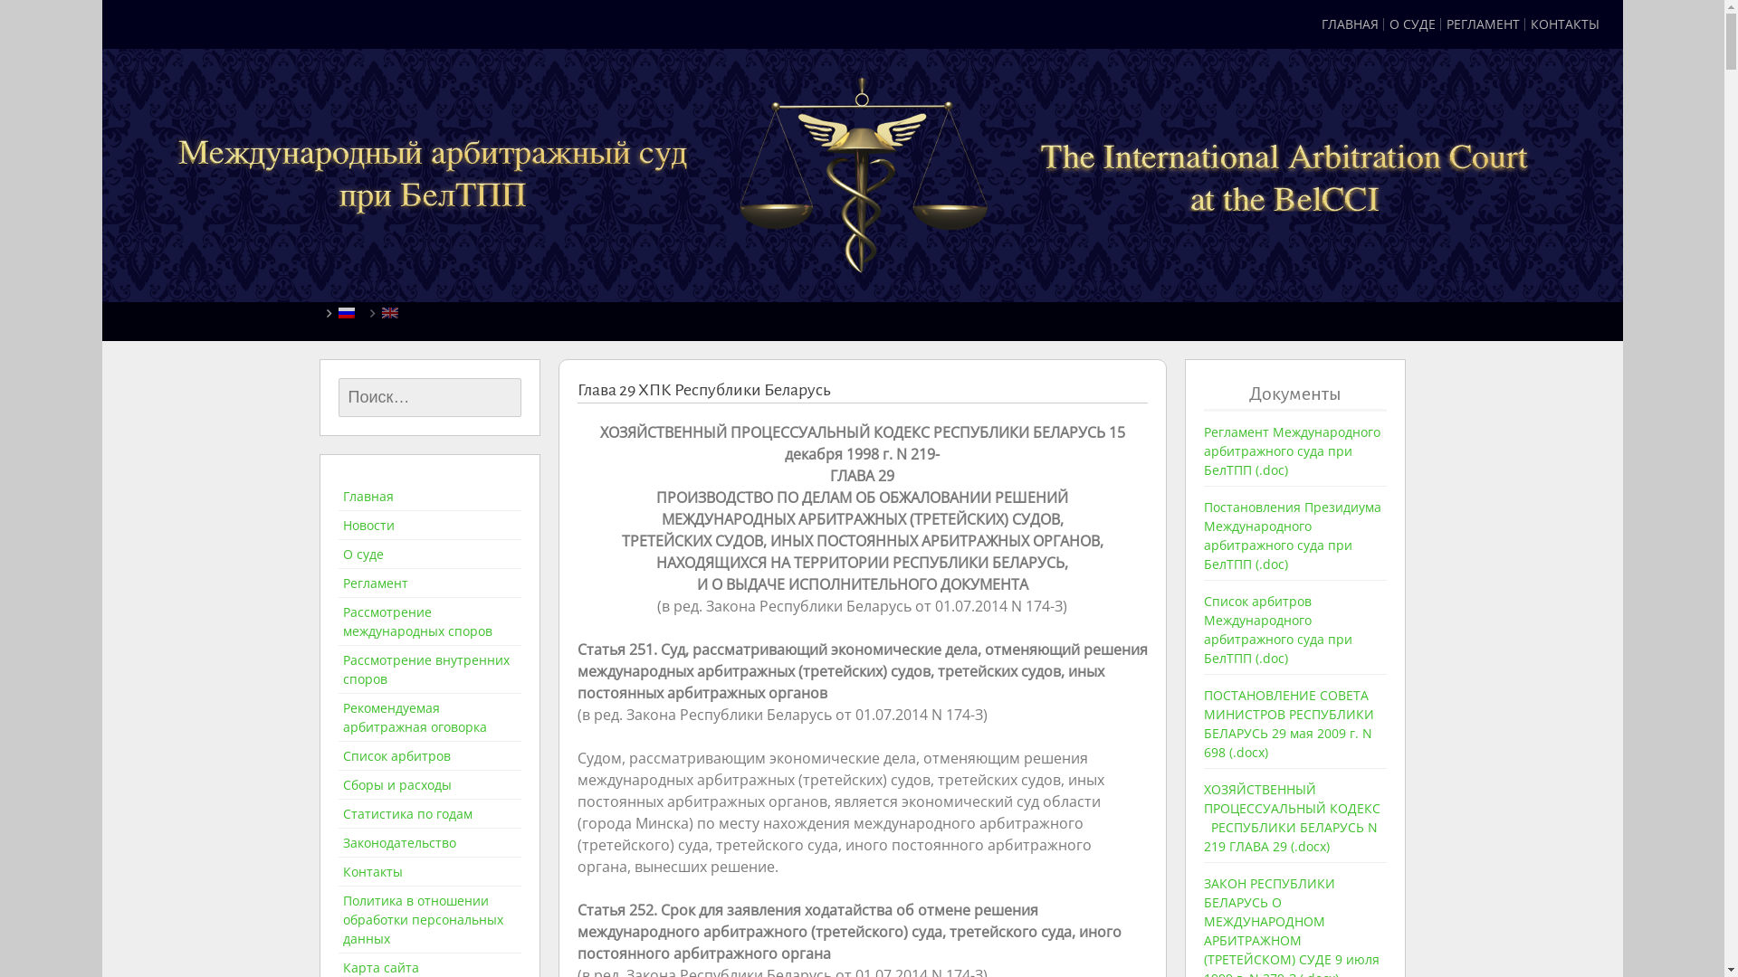  What do you see at coordinates (347, 310) in the screenshot?
I see `'Russian (ru)'` at bounding box center [347, 310].